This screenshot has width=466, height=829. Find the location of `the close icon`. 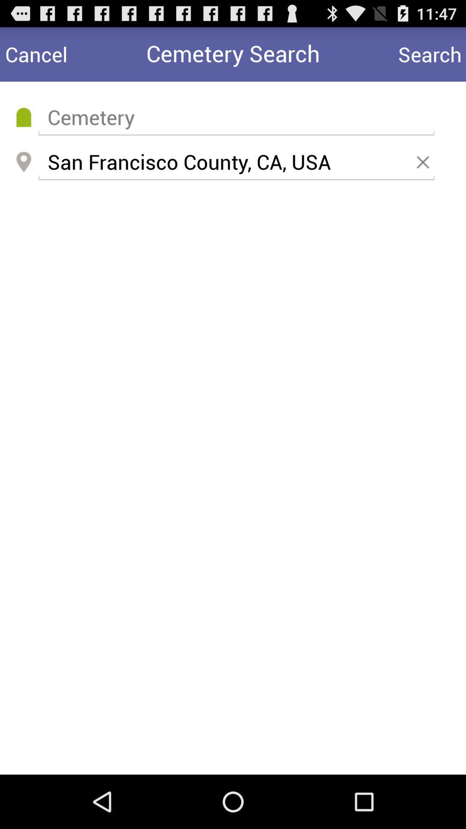

the close icon is located at coordinates (424, 173).